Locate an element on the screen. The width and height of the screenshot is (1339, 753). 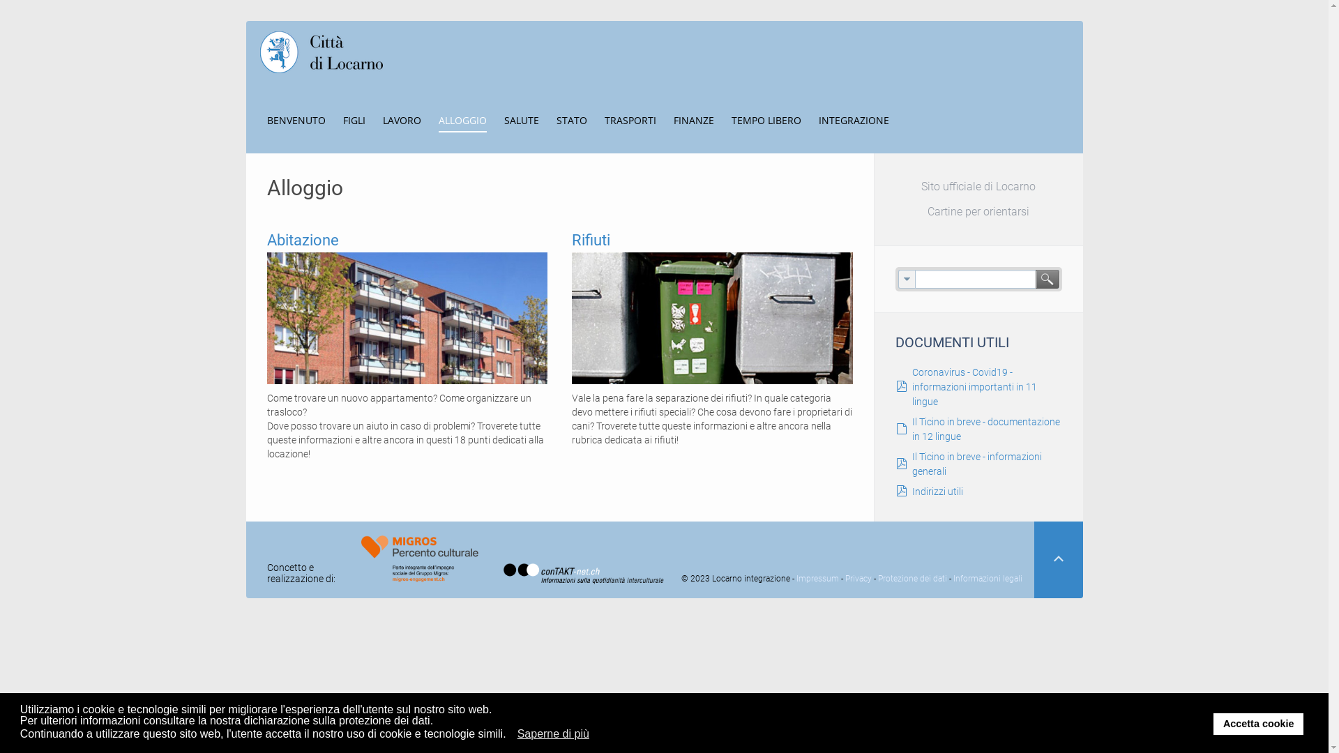
'STATO' is located at coordinates (572, 119).